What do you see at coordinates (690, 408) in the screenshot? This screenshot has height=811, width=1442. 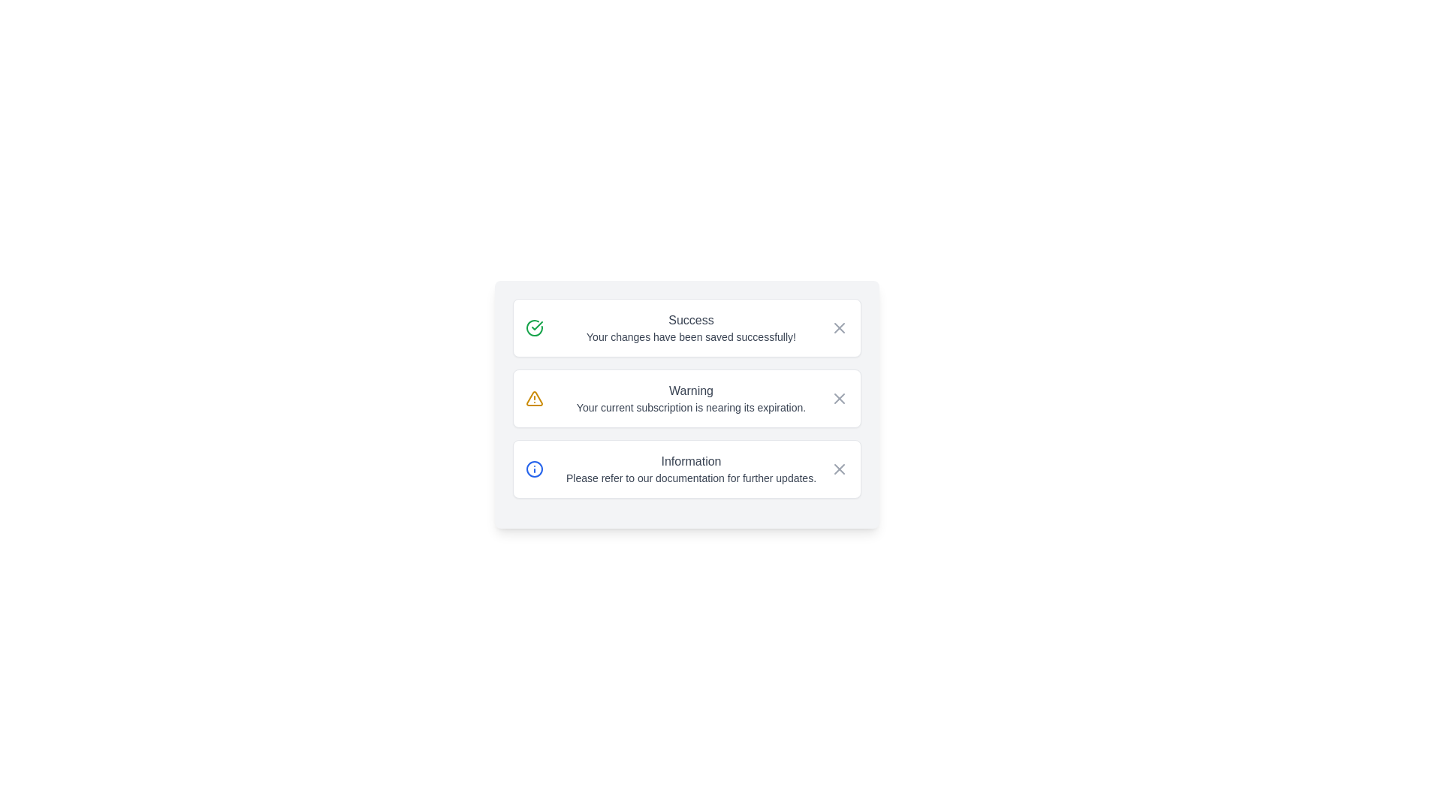 I see `the static text notifying the user about the impending expiration of their current subscription, located directly below the bold word 'Warning' within the warning message box` at bounding box center [690, 408].